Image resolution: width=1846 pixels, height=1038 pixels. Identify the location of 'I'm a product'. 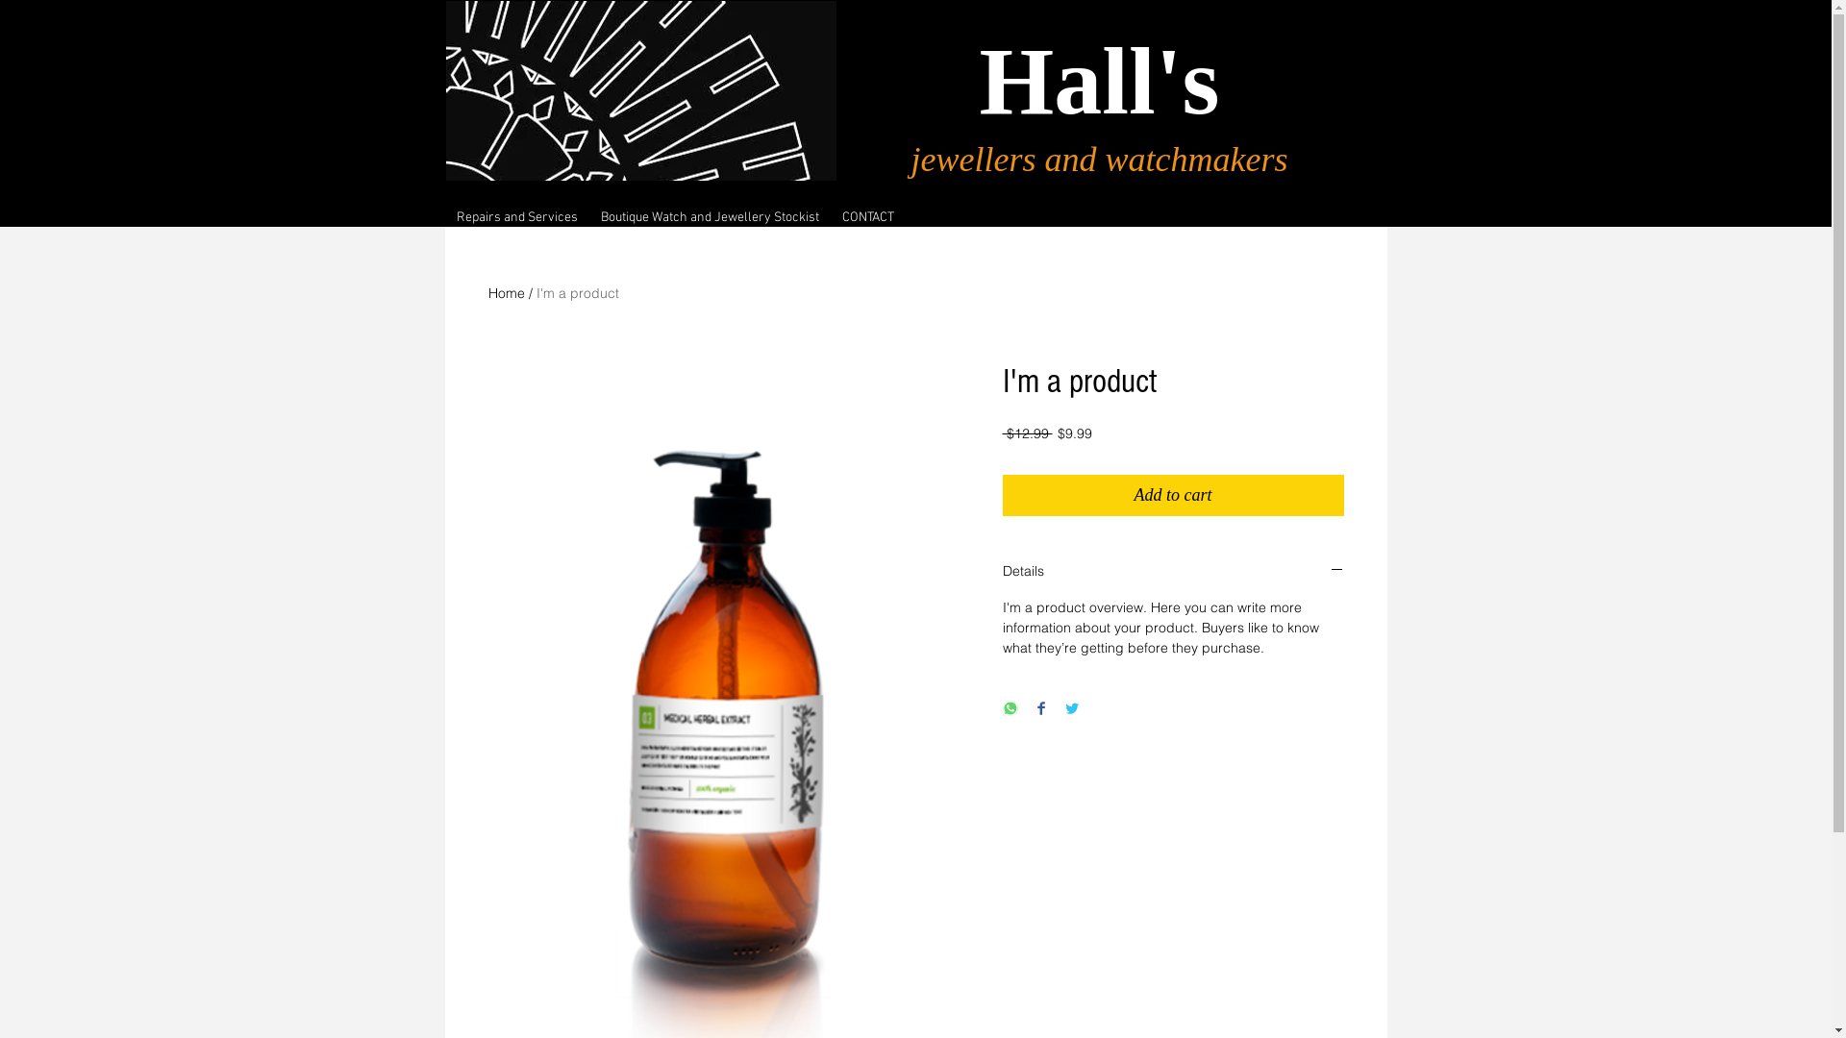
(576, 292).